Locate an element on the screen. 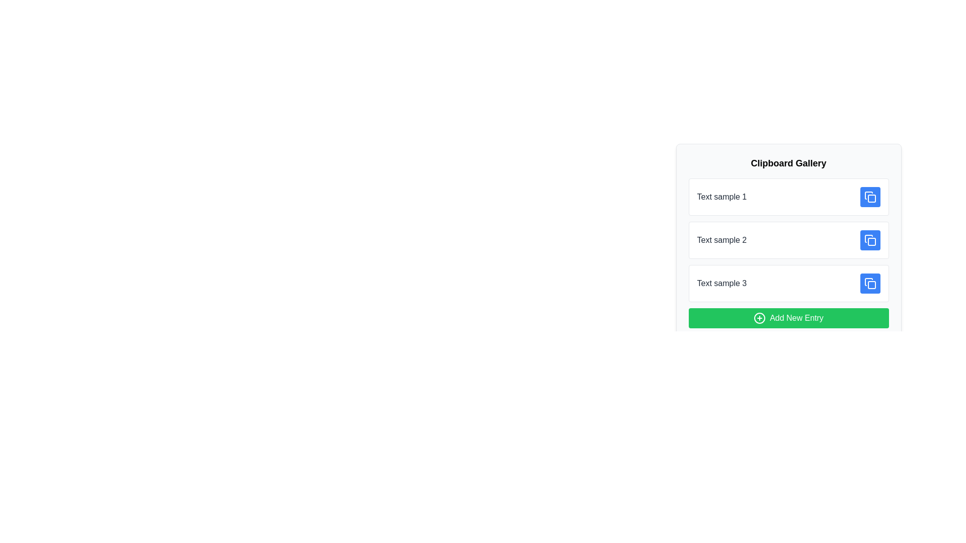  the copy icon located at the far right of the row for the entry labeled 'Text sample 1' to copy the associated text or content is located at coordinates (869, 197).